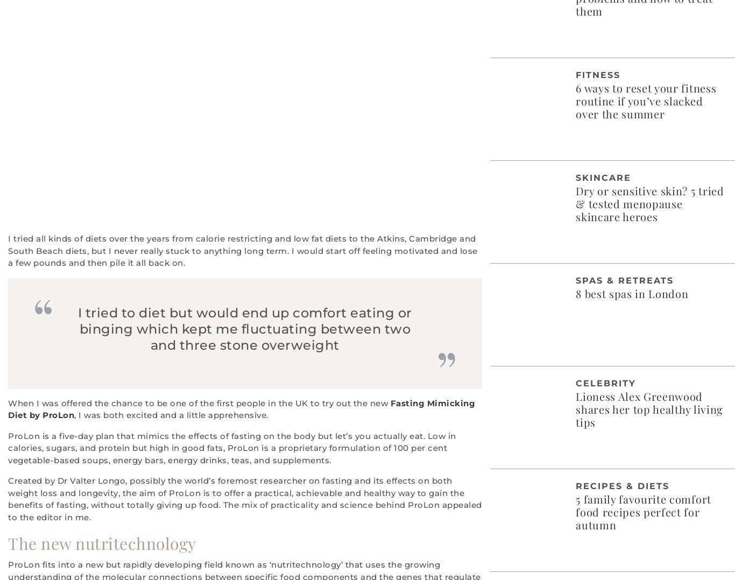 The width and height of the screenshot is (735, 580). What do you see at coordinates (649, 203) in the screenshot?
I see `'Dry or sensitive skin? 5 tried & tested menopause skincare heroes'` at bounding box center [649, 203].